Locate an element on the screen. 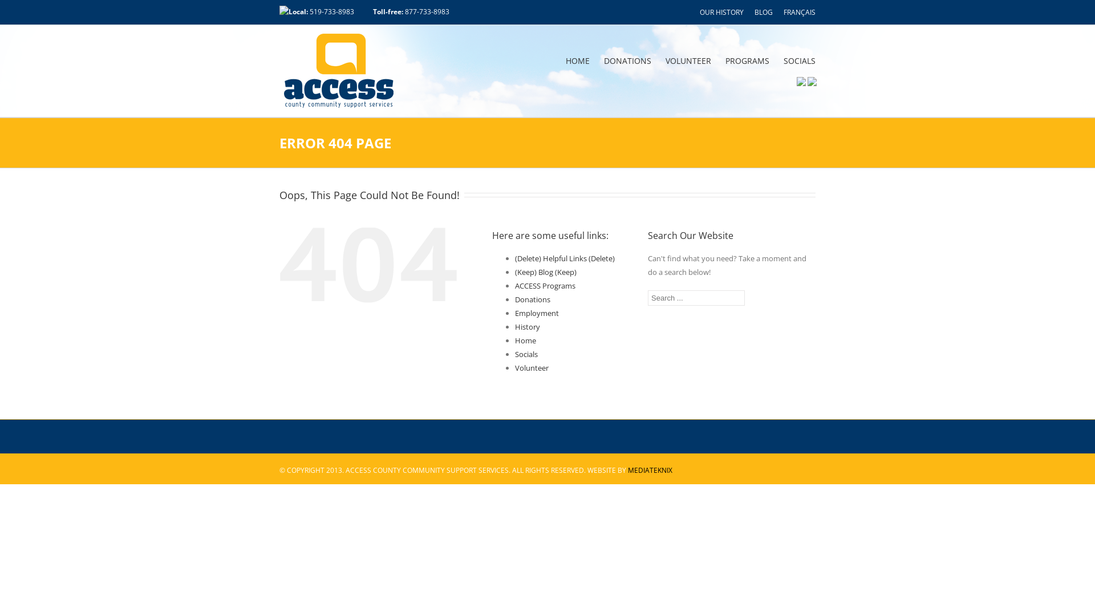 The image size is (1095, 616). 'BLOG' is located at coordinates (764, 12).